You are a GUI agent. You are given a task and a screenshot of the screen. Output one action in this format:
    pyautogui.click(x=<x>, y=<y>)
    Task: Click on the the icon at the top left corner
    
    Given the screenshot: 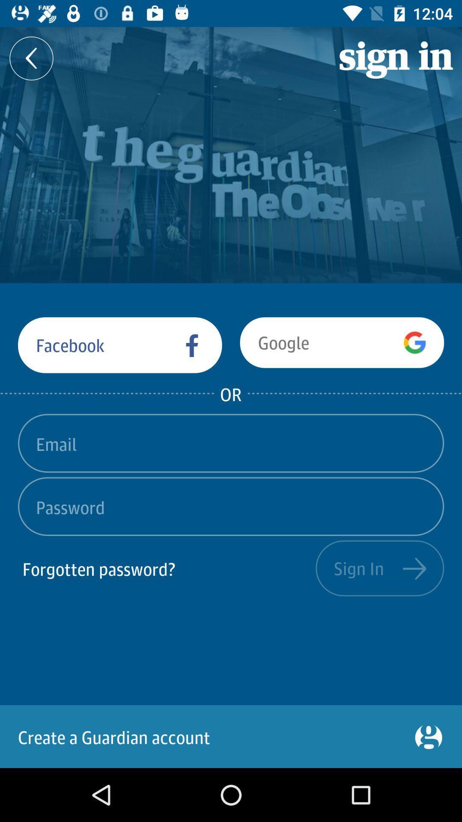 What is the action you would take?
    pyautogui.click(x=31, y=58)
    